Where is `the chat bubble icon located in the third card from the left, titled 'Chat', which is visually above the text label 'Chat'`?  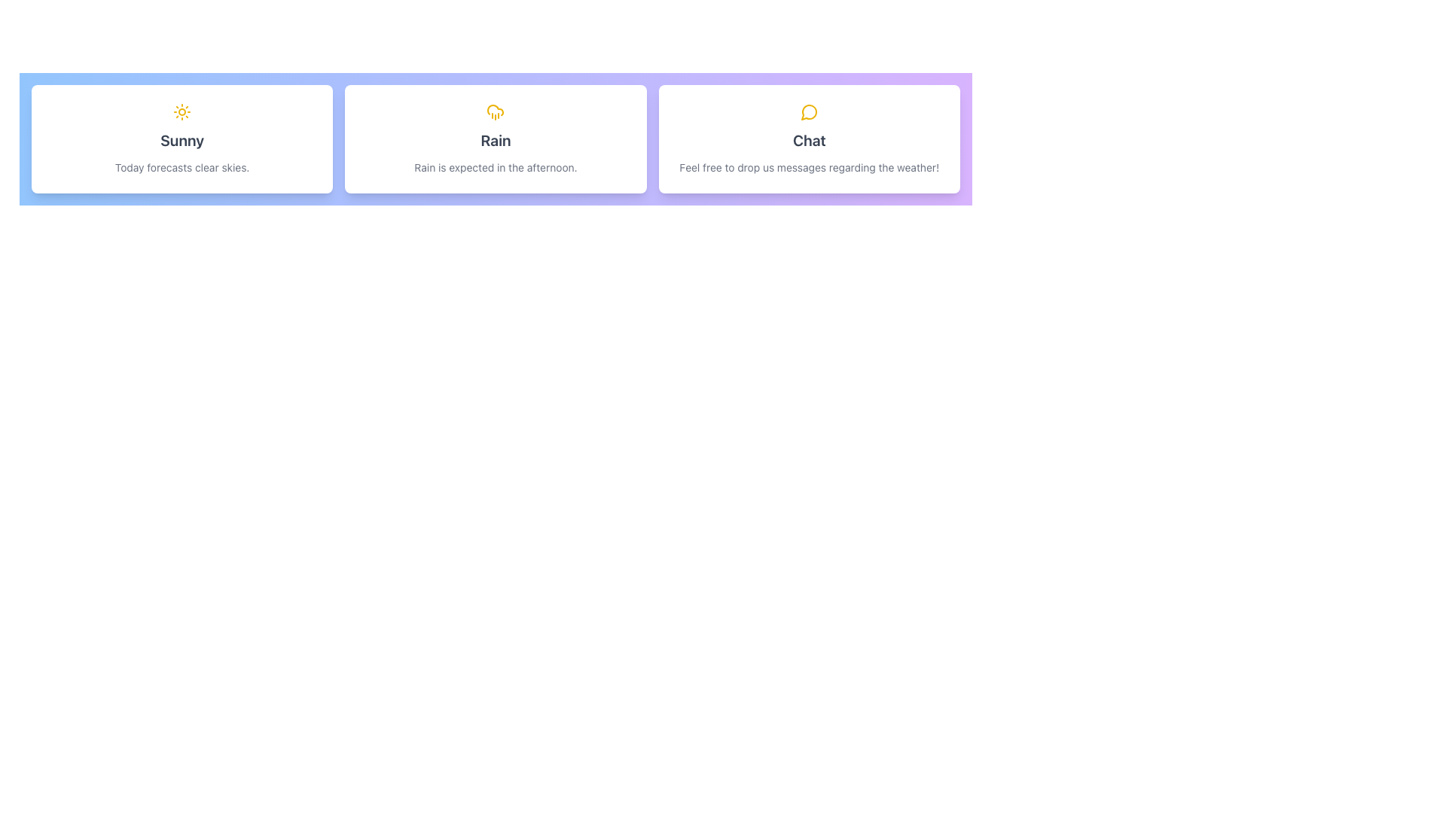
the chat bubble icon located in the third card from the left, titled 'Chat', which is visually above the text label 'Chat' is located at coordinates (808, 111).